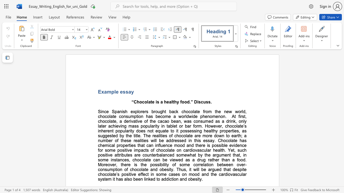 Image resolution: width=344 pixels, height=193 pixels. What do you see at coordinates (180, 131) in the screenshot?
I see `the subset text "possessi" within the text "possessing"` at bounding box center [180, 131].